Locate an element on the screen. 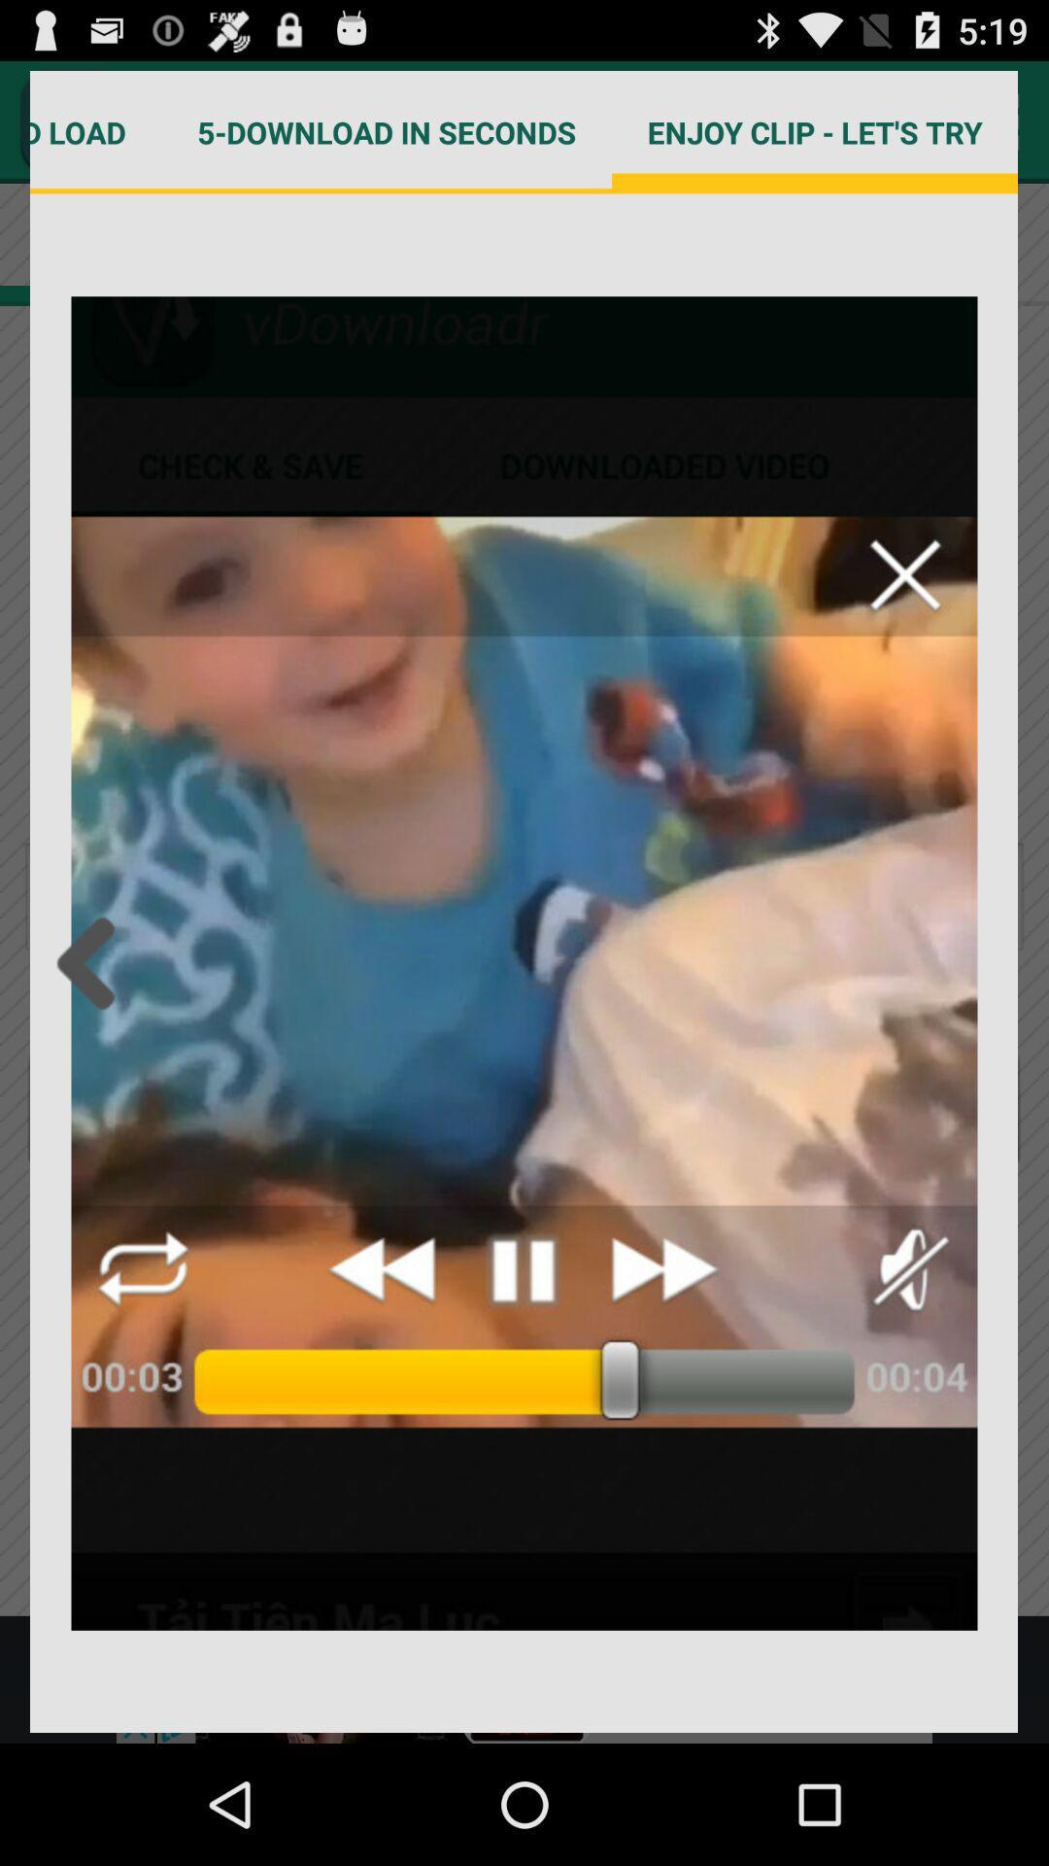  back is located at coordinates (91, 963).